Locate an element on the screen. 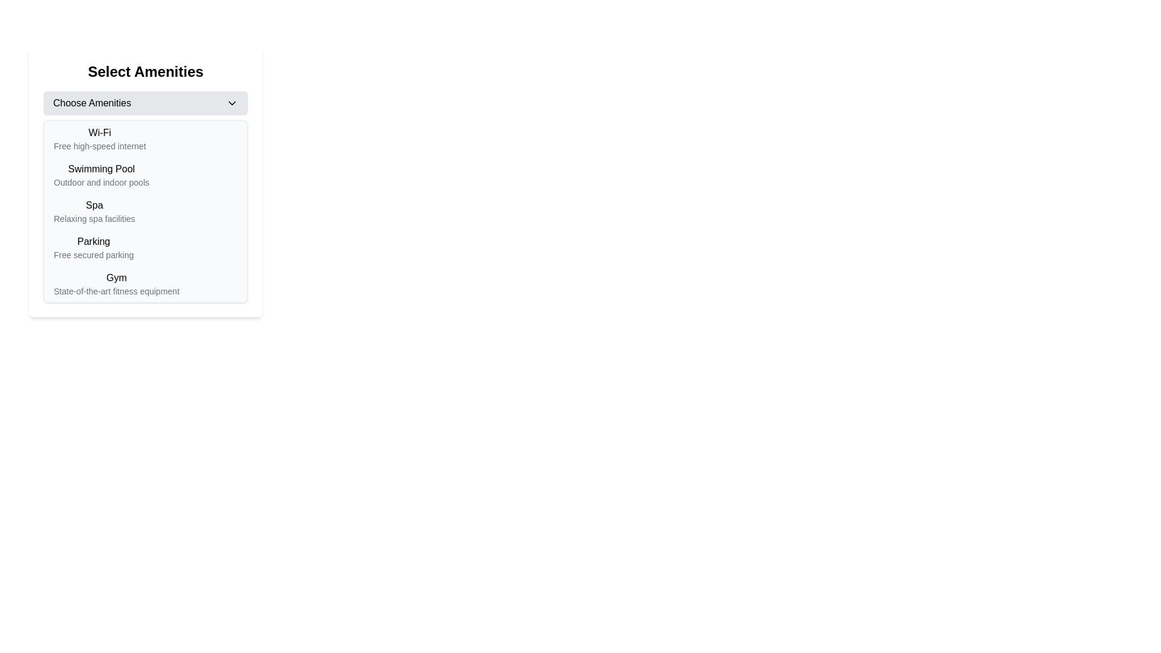 Image resolution: width=1161 pixels, height=653 pixels. the text element displaying 'Parking' in a medium-sized font, located within the amenities list of a modal dialog, positioned below 'Spa' and above 'Free secured parking' is located at coordinates (93, 242).